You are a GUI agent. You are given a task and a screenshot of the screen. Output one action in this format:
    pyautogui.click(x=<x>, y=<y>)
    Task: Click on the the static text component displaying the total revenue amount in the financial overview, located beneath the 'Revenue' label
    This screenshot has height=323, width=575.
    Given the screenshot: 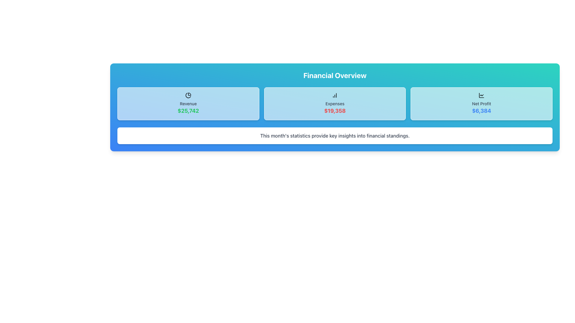 What is the action you would take?
    pyautogui.click(x=188, y=111)
    